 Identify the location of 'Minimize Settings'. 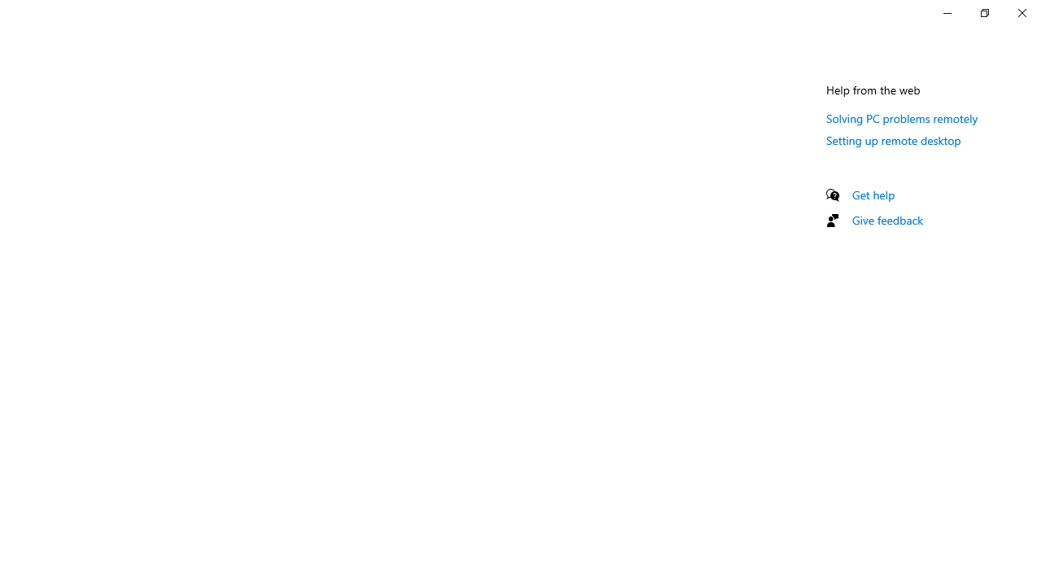
(947, 12).